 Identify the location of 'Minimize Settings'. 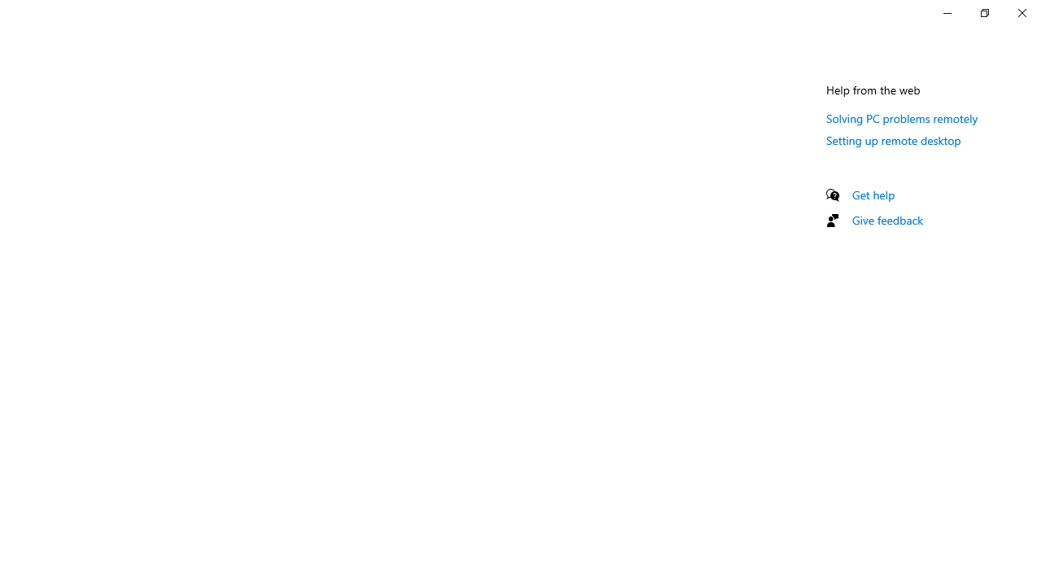
(947, 12).